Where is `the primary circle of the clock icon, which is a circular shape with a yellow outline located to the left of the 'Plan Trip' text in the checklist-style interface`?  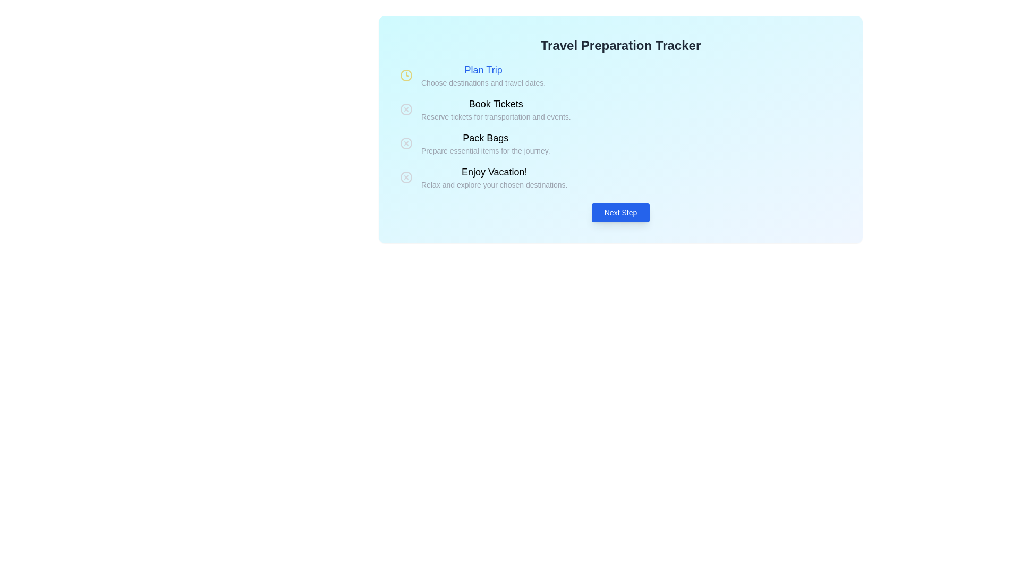 the primary circle of the clock icon, which is a circular shape with a yellow outline located to the left of the 'Plan Trip' text in the checklist-style interface is located at coordinates (405, 75).